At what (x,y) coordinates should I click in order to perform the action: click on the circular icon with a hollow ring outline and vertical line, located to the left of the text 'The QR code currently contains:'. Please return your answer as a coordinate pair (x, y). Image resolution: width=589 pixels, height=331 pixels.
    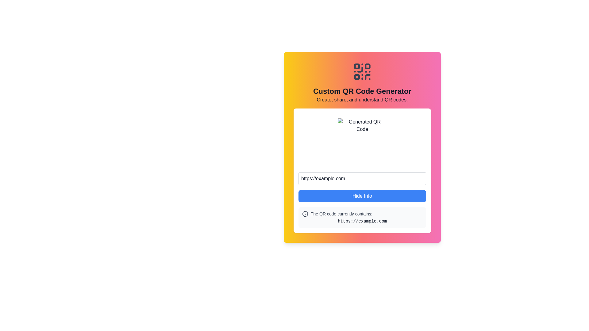
    Looking at the image, I should click on (305, 214).